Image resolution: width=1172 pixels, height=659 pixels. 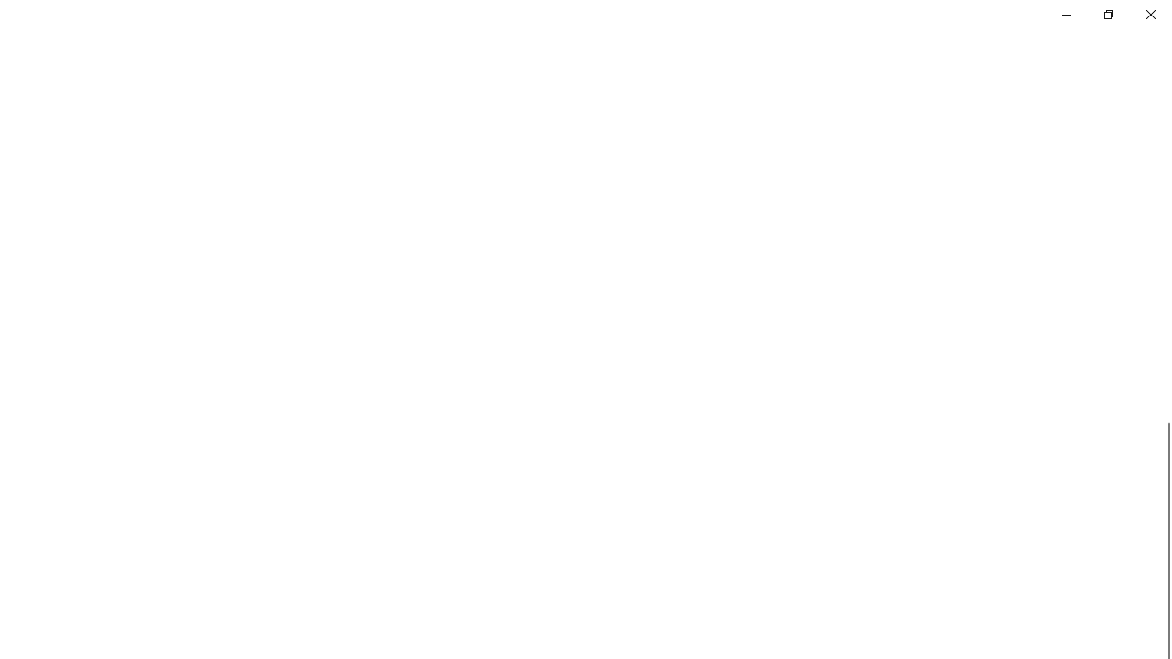 What do you see at coordinates (1149, 14) in the screenshot?
I see `'Close Settings'` at bounding box center [1149, 14].